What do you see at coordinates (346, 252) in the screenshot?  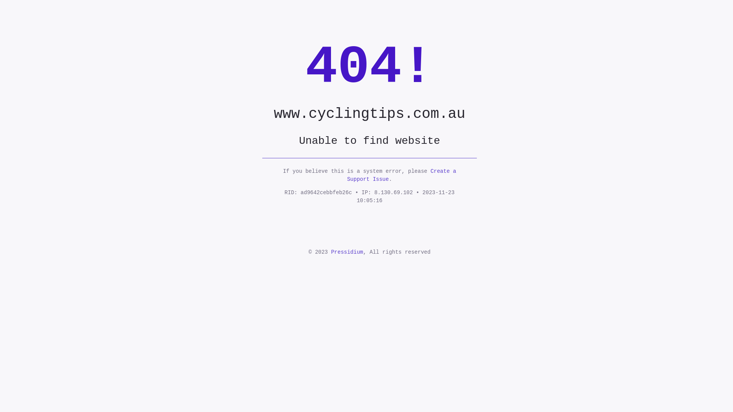 I see `'Pressidium'` at bounding box center [346, 252].